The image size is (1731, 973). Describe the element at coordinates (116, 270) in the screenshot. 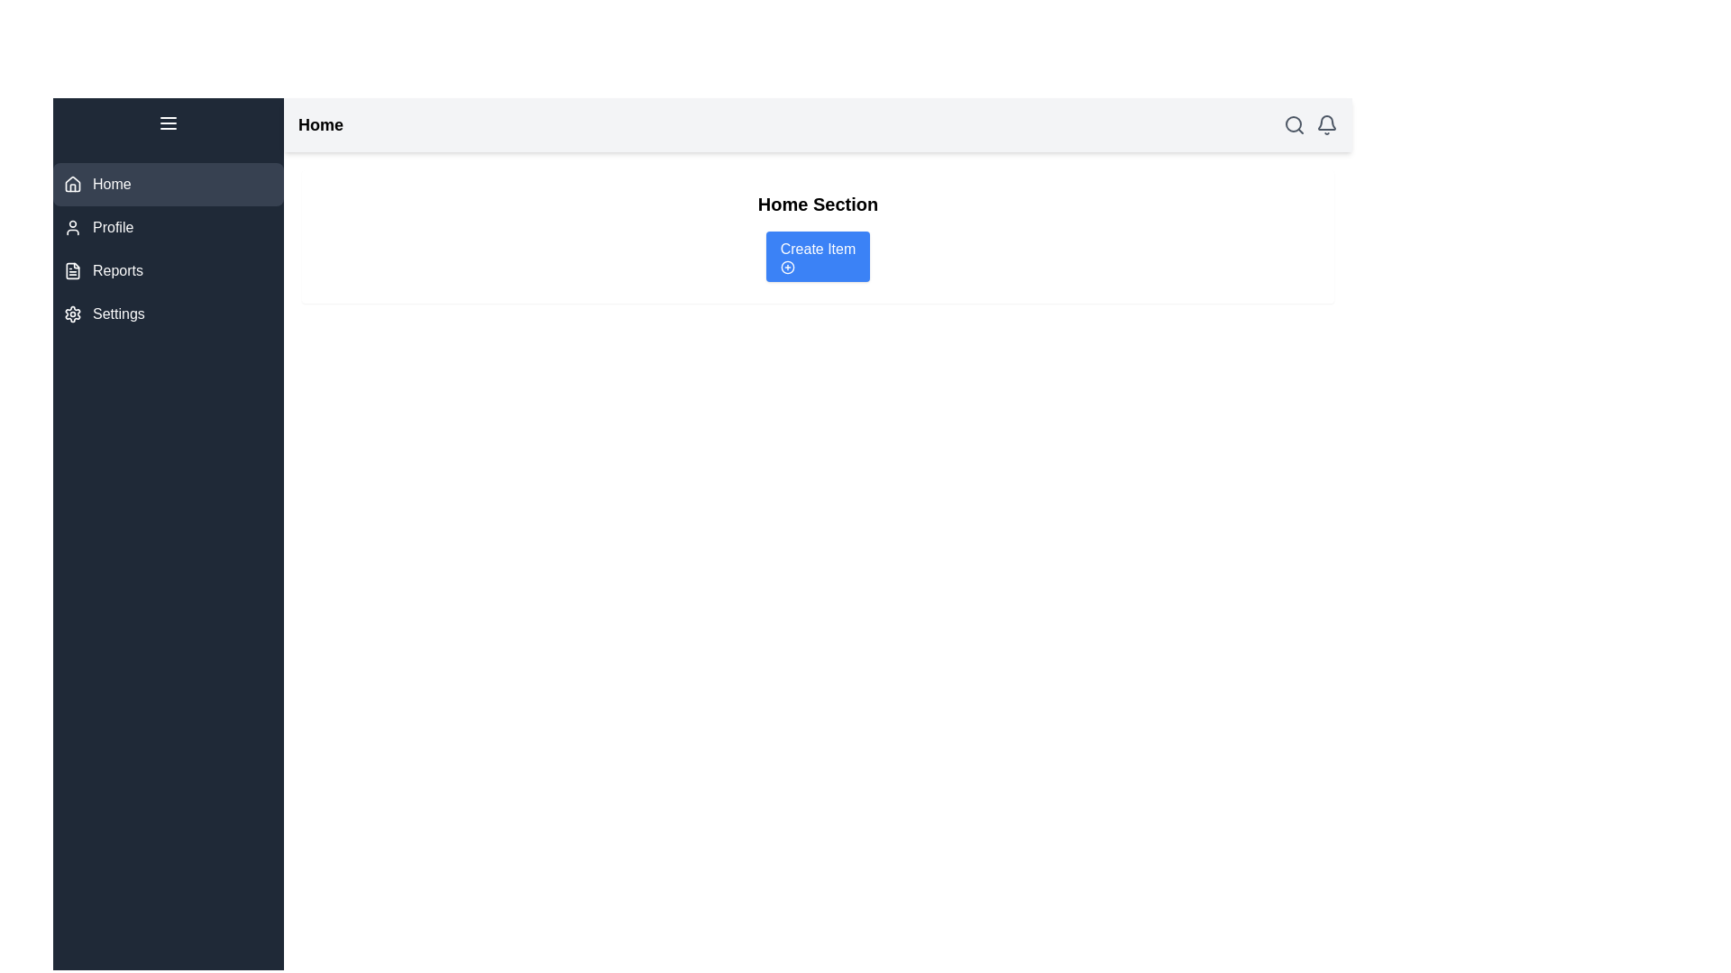

I see `the Text label that serves as a navigation link` at that location.